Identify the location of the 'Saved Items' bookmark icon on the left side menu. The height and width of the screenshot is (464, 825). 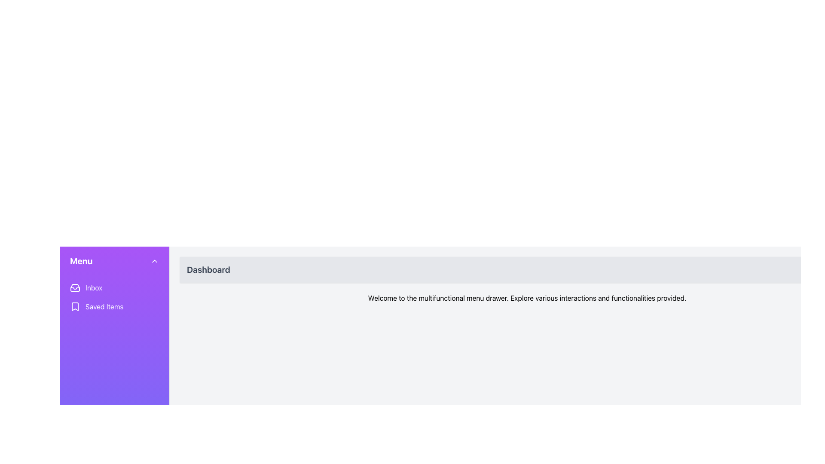
(75, 306).